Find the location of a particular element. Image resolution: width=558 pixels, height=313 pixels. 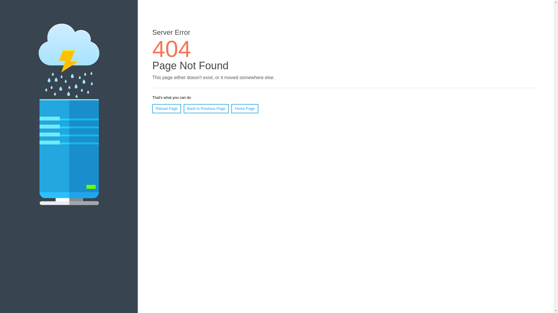

'Home Page' is located at coordinates (245, 108).